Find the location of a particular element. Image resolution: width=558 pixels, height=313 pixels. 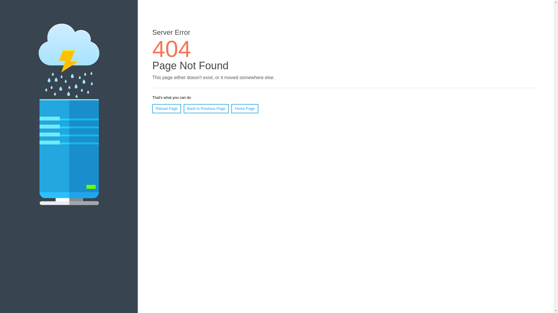

'Home Page' is located at coordinates (245, 108).